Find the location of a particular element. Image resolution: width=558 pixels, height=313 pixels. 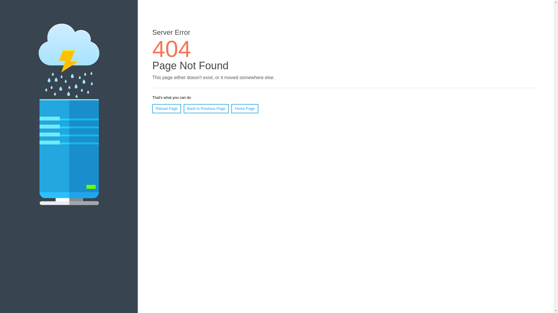

'Home Page' is located at coordinates (245, 108).